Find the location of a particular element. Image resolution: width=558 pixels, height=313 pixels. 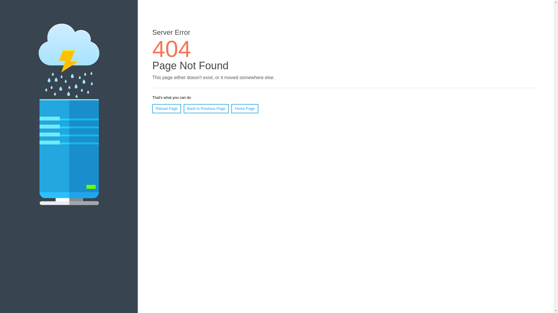

'Home Page' is located at coordinates (245, 108).